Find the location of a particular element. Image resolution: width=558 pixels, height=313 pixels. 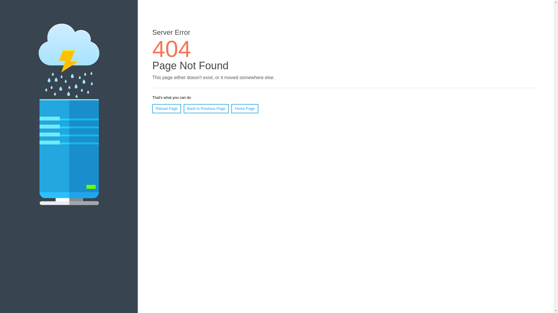

'Home Page' is located at coordinates (245, 108).